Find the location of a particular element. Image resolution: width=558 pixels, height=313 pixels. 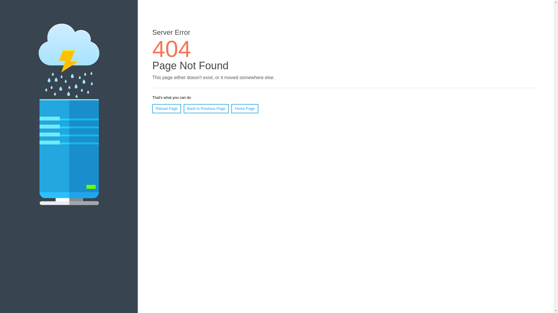

'Home Page' is located at coordinates (245, 108).